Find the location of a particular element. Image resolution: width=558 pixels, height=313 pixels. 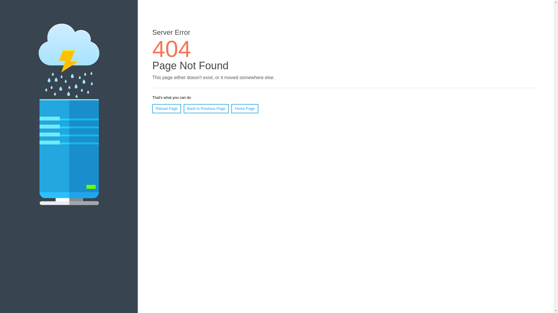

'Home Page' is located at coordinates (245, 108).